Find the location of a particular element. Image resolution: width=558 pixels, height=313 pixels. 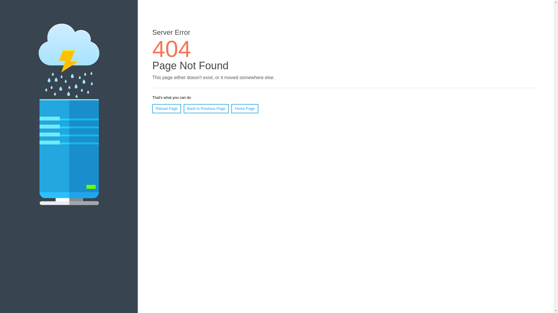

'Home Page' is located at coordinates (245, 108).